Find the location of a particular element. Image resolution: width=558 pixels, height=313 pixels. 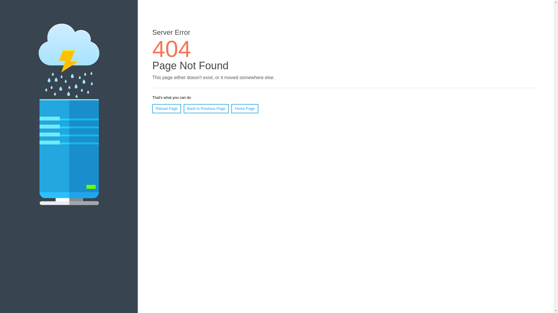

'Home Page' is located at coordinates (245, 108).